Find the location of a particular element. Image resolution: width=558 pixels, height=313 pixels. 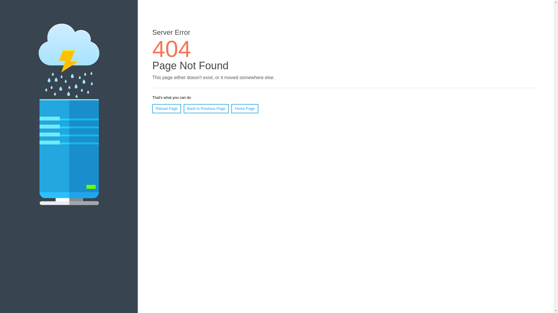

'Home Page' is located at coordinates (245, 108).